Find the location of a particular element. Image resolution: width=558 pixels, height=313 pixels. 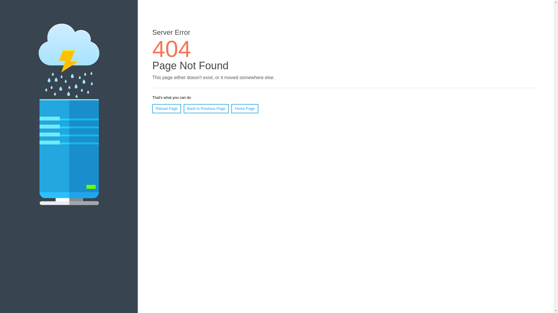

'Home Page' is located at coordinates (245, 108).